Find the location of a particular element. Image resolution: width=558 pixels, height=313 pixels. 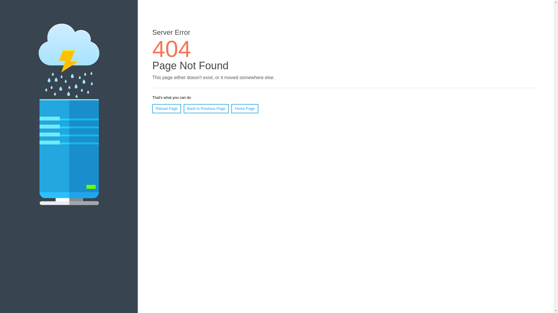

'Home Page' is located at coordinates (245, 108).